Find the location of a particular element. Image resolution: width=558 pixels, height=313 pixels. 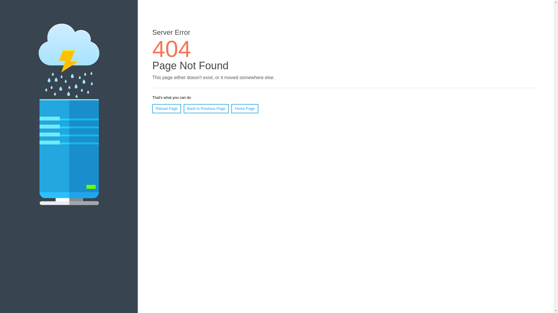

'Home Page' is located at coordinates (245, 108).